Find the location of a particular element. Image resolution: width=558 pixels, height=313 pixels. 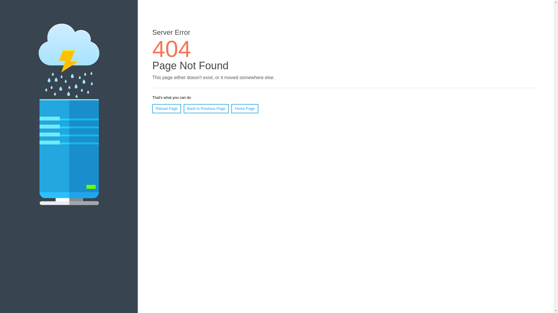

'Home Page' is located at coordinates (245, 108).